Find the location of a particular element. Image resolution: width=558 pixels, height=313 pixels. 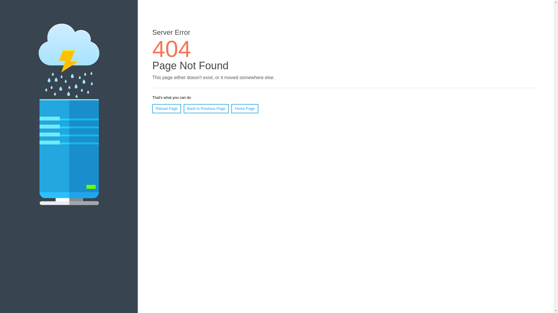

'Home Page' is located at coordinates (245, 108).